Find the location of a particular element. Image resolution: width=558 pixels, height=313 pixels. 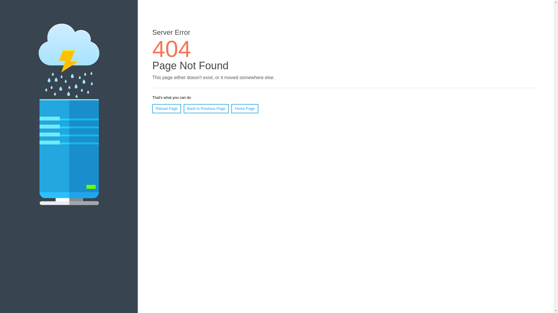

'Home Page' is located at coordinates (245, 108).